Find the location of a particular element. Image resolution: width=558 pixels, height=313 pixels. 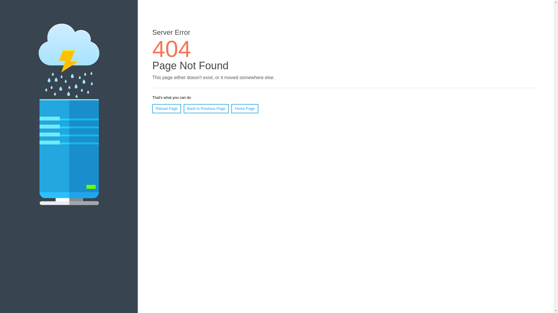

'Home Page' is located at coordinates (245, 108).